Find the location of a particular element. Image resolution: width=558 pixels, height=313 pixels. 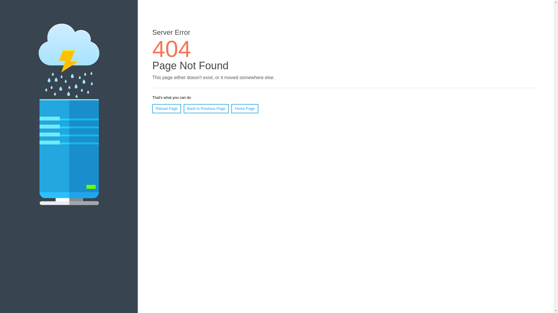

'Home Page' is located at coordinates (245, 108).